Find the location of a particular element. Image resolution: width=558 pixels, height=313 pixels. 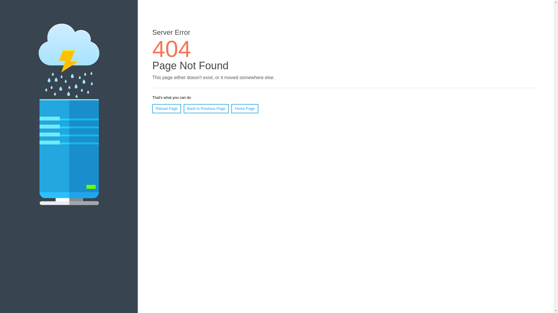

'Home Page' is located at coordinates (245, 108).